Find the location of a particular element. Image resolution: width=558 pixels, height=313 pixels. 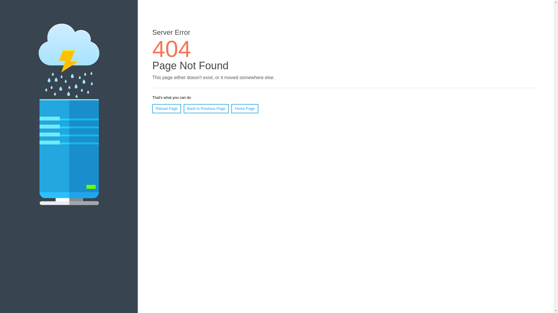

'Home Page' is located at coordinates (245, 108).